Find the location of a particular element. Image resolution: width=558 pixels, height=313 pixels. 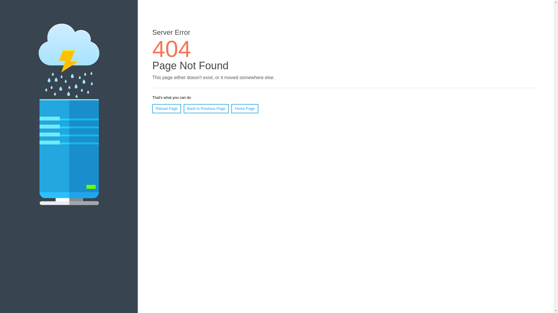

'Home Page' is located at coordinates (245, 108).